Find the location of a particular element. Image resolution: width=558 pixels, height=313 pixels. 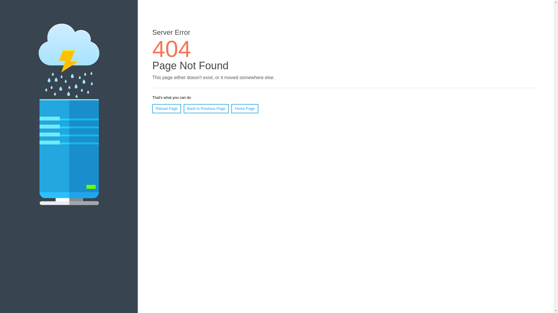

'Home Page' is located at coordinates (245, 108).